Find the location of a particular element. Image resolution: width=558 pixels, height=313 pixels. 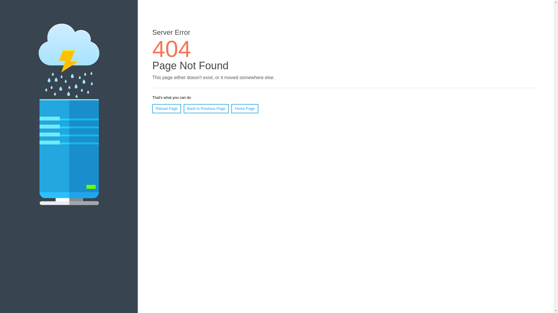

'Home Page' is located at coordinates (245, 108).